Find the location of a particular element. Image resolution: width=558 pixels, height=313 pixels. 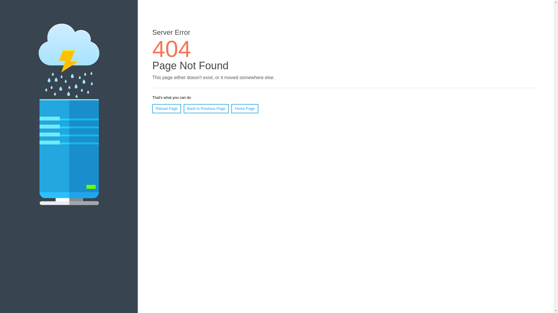

'Home Page' is located at coordinates (245, 108).